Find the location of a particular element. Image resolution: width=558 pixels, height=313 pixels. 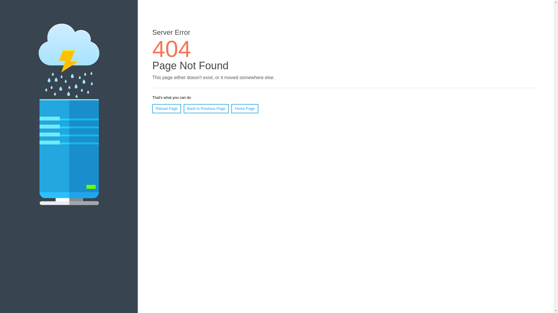

'Home Page' is located at coordinates (245, 108).